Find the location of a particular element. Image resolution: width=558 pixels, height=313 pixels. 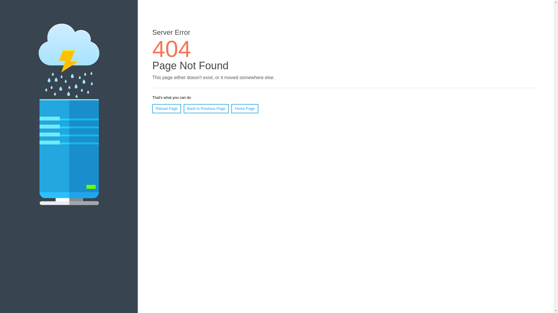

'Home Page' is located at coordinates (245, 108).